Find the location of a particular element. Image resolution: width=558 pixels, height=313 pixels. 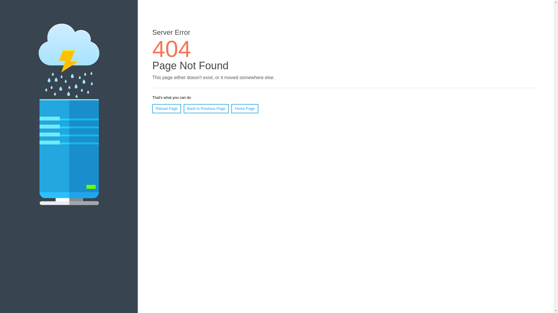

'Home Page' is located at coordinates (245, 108).